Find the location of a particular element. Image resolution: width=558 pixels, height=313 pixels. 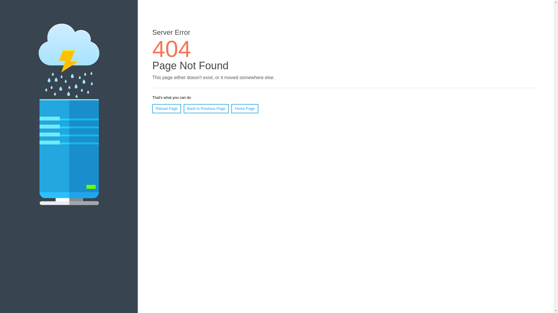

'Home Page' is located at coordinates (245, 108).